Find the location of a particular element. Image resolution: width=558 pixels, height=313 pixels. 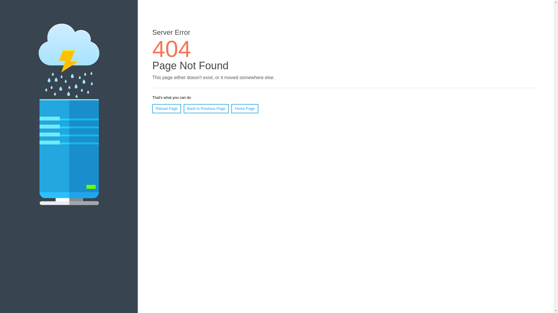

'Home Page' is located at coordinates (245, 108).